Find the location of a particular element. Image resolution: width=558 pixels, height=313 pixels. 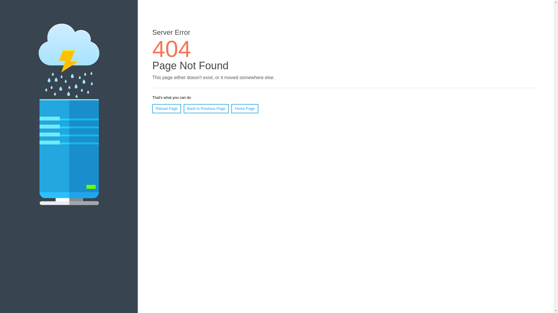

'Home Page' is located at coordinates (245, 108).